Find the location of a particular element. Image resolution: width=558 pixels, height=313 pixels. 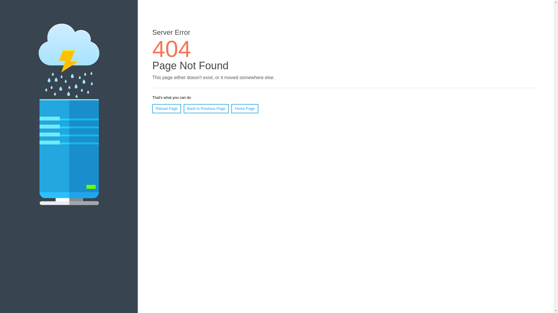

'Home Page' is located at coordinates (245, 108).